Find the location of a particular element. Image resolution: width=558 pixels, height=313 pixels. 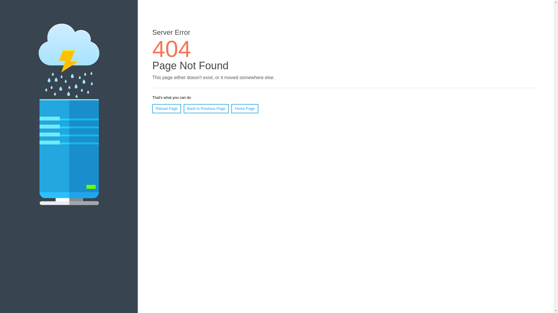

'Home Page' is located at coordinates (245, 108).